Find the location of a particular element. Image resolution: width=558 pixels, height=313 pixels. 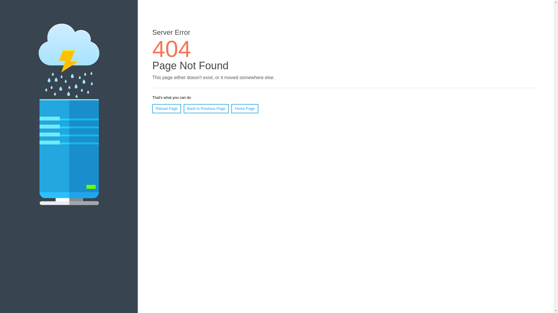

'Home Page' is located at coordinates (245, 108).